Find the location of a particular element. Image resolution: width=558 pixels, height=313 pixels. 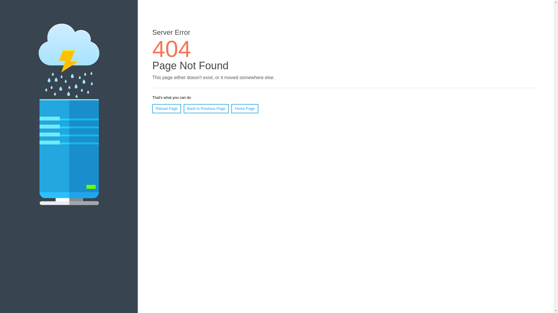

'Home Page' is located at coordinates (245, 108).